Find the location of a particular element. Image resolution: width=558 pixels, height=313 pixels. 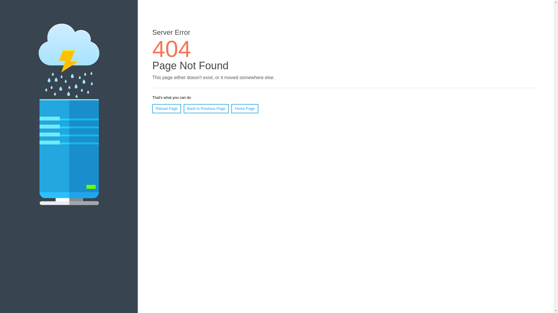

'Home Page' is located at coordinates (245, 108).